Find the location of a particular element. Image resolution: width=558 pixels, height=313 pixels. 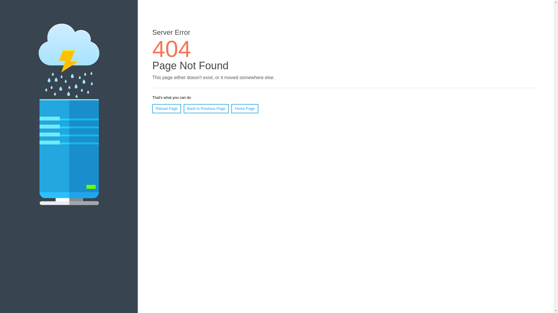

'Home Page' is located at coordinates (245, 108).